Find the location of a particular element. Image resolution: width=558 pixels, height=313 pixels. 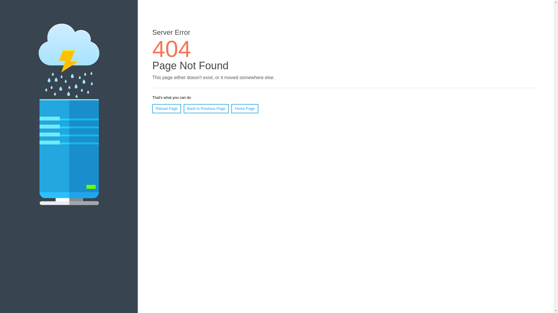

'Home Page' is located at coordinates (245, 108).